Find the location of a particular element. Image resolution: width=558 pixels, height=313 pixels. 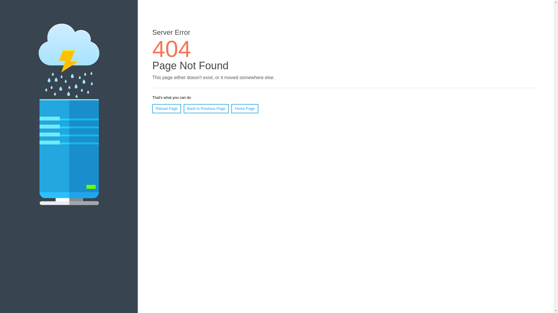

'Home Page' is located at coordinates (245, 108).